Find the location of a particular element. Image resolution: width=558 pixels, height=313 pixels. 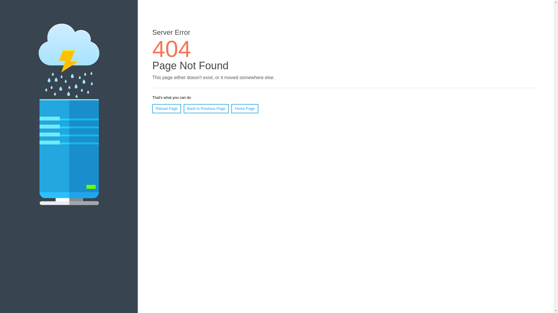

'Home Page' is located at coordinates (245, 108).